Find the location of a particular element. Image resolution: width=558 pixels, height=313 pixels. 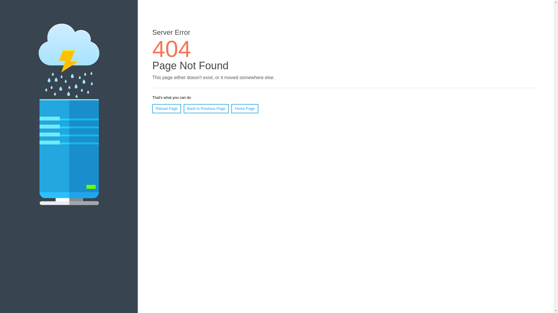

'Home Page' is located at coordinates (245, 108).